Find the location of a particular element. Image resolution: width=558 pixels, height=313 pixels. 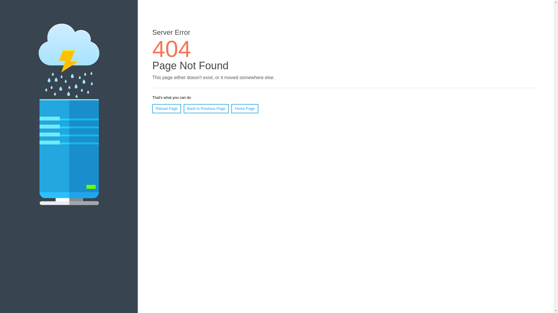

'Home Page' is located at coordinates (245, 108).